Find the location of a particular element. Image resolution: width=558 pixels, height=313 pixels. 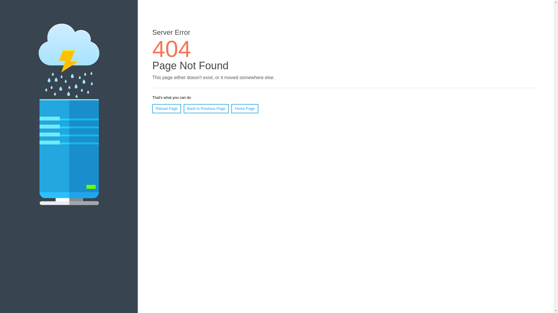

'Home Page' is located at coordinates (245, 108).